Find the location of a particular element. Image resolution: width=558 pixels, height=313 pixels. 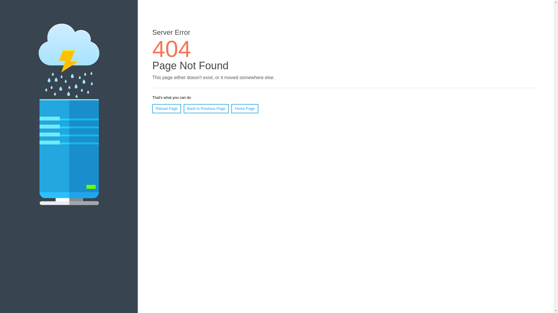

'Home Page' is located at coordinates (245, 108).